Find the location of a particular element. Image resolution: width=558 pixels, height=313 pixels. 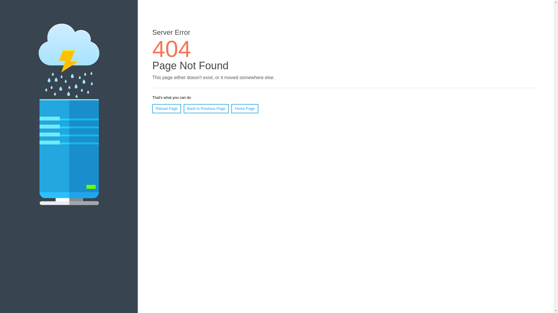

'Home Page' is located at coordinates (245, 108).